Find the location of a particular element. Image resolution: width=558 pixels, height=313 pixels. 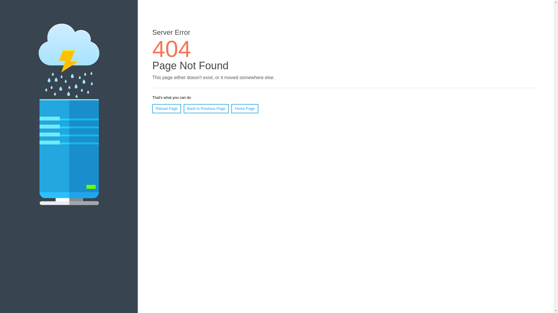

'Home Page' is located at coordinates (245, 108).